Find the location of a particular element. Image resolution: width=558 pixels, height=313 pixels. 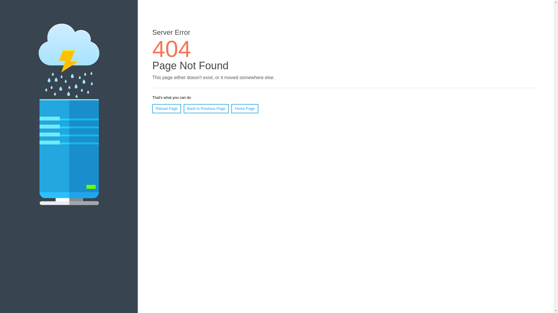

'Home Page' is located at coordinates (245, 108).